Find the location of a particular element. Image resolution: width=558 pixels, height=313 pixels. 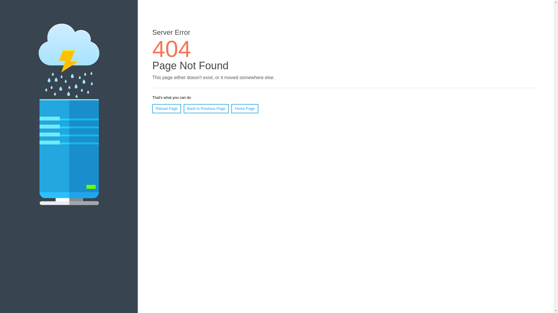

'Home Page' is located at coordinates (245, 108).